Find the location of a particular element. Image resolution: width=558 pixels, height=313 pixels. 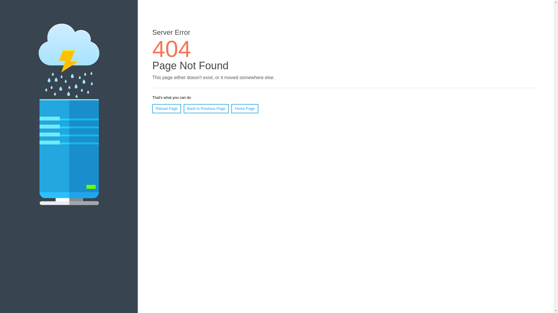

'Home Page' is located at coordinates (245, 108).